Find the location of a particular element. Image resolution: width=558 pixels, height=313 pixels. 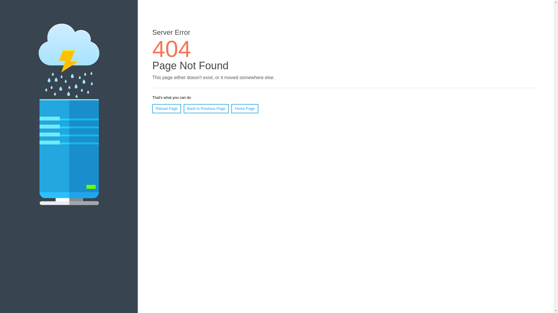

'Home Page' is located at coordinates (245, 108).